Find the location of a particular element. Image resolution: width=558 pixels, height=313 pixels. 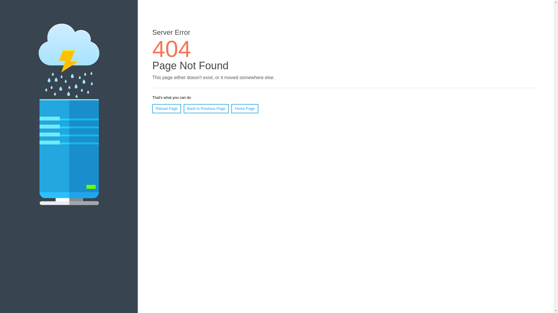

'Home Page' is located at coordinates (245, 108).